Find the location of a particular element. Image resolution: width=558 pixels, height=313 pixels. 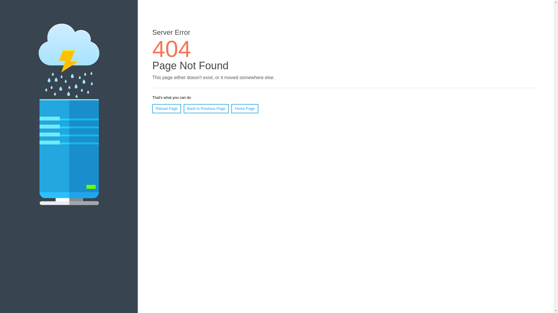

'Home Page' is located at coordinates (245, 108).